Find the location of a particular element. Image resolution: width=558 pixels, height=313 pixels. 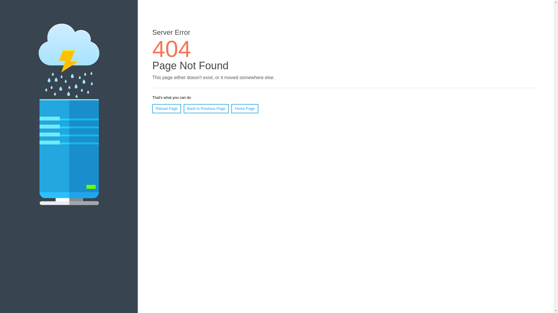

'Home Page' is located at coordinates (245, 108).